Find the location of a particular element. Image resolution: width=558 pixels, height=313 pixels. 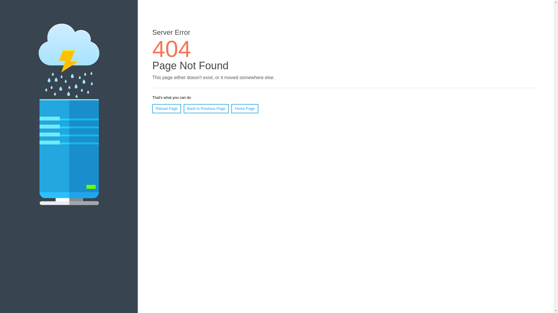

'Home Page' is located at coordinates (245, 108).